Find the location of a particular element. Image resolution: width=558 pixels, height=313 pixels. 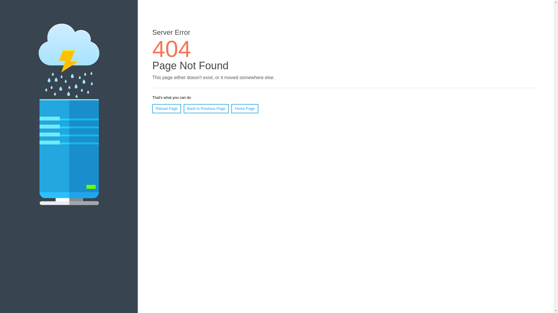

'Home Page' is located at coordinates (245, 108).